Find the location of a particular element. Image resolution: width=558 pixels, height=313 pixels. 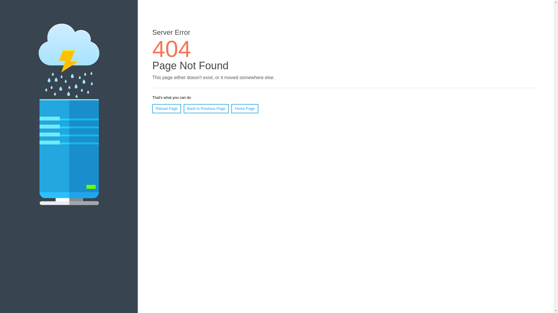

'Home Page' is located at coordinates (245, 108).